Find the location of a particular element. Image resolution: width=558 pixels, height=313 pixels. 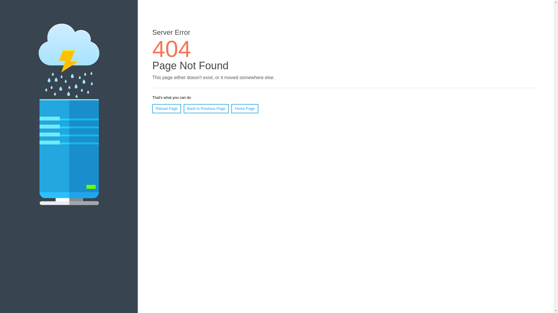

'Home Page' is located at coordinates (245, 108).